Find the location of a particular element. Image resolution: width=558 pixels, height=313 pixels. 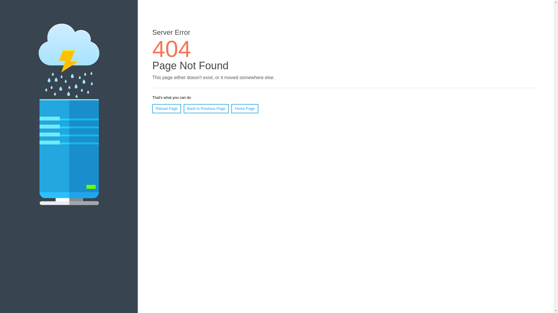

'Home Page' is located at coordinates (245, 108).